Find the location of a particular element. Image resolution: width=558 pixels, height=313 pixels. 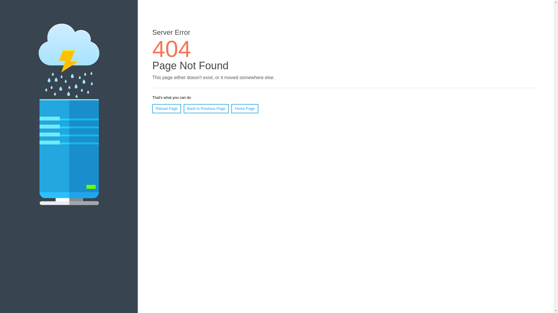

'Home Page' is located at coordinates (245, 108).